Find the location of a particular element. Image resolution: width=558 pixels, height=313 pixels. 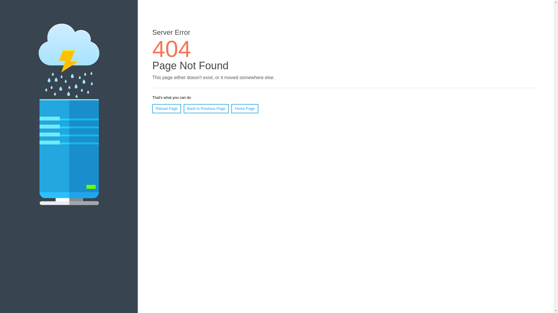

'Home Page' is located at coordinates (245, 108).